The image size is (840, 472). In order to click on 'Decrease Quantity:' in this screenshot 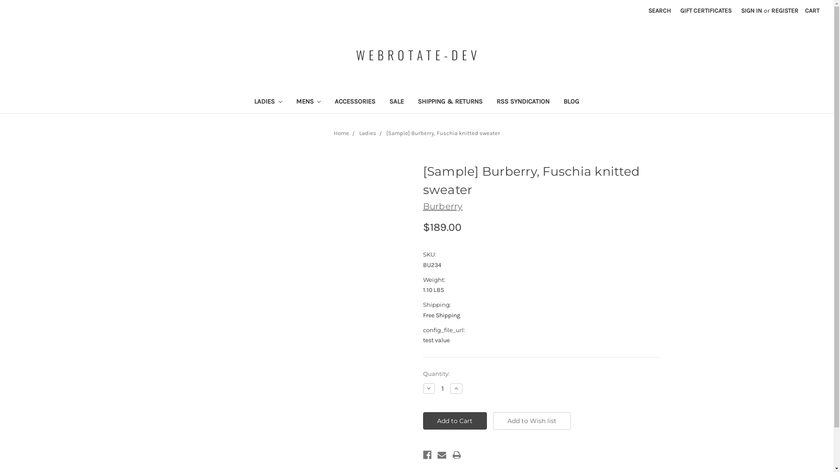, I will do `click(422, 388)`.